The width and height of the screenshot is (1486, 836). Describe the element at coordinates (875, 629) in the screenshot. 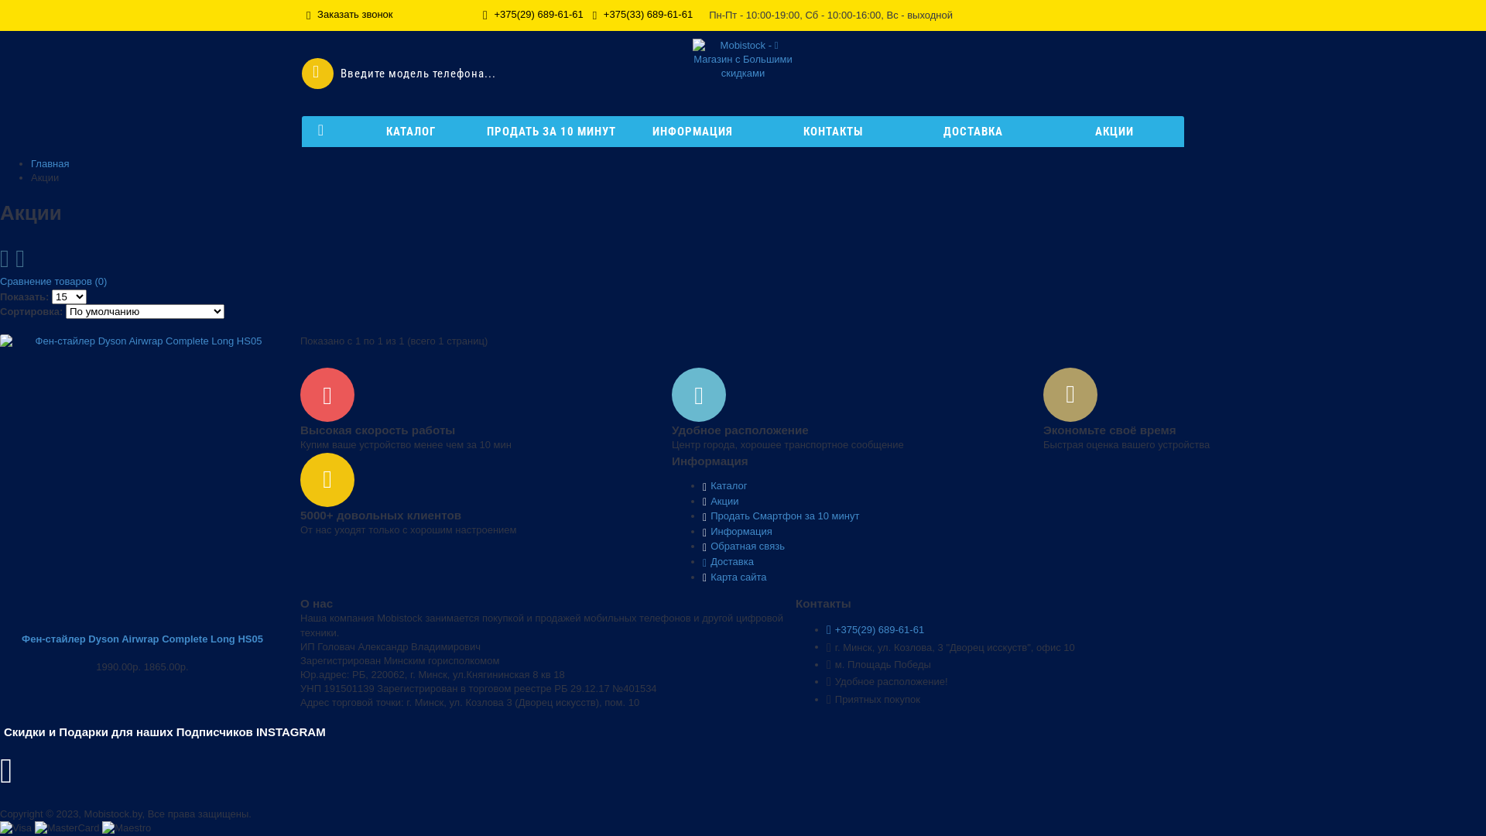

I see `'+375(29) 689-61-61'` at that location.